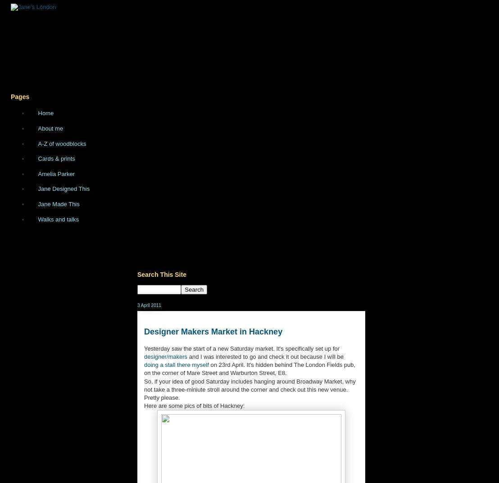  Describe the element at coordinates (37, 218) in the screenshot. I see `'Walks and talks'` at that location.